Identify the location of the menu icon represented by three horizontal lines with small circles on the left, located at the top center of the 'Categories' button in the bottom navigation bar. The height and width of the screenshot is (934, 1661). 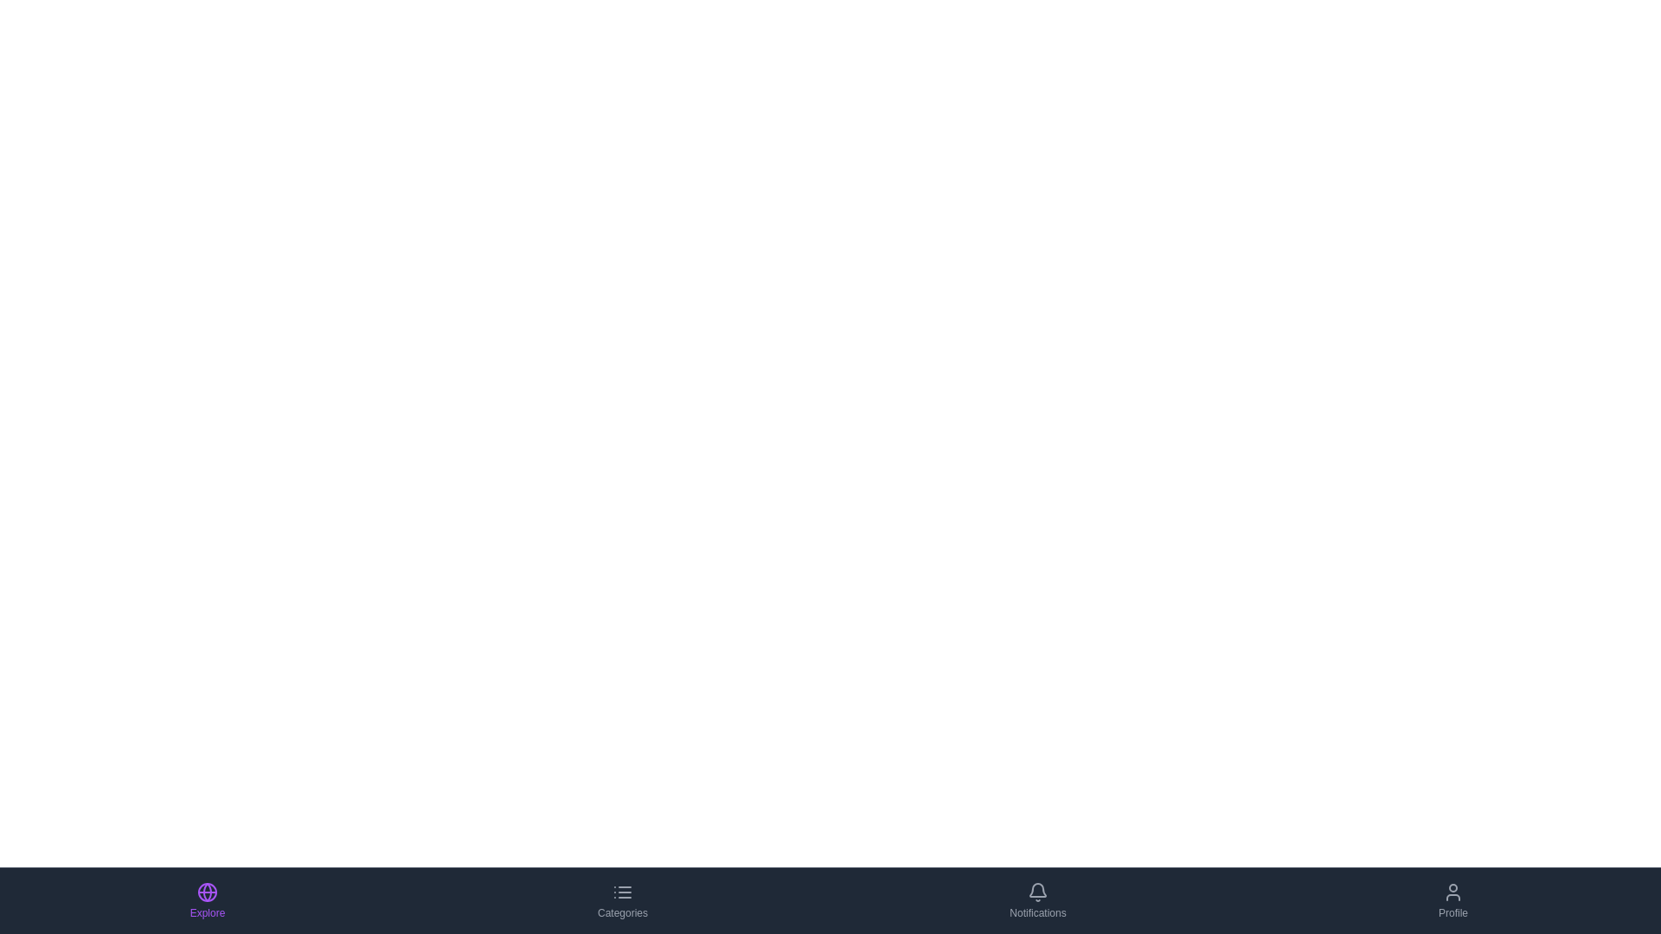
(623, 892).